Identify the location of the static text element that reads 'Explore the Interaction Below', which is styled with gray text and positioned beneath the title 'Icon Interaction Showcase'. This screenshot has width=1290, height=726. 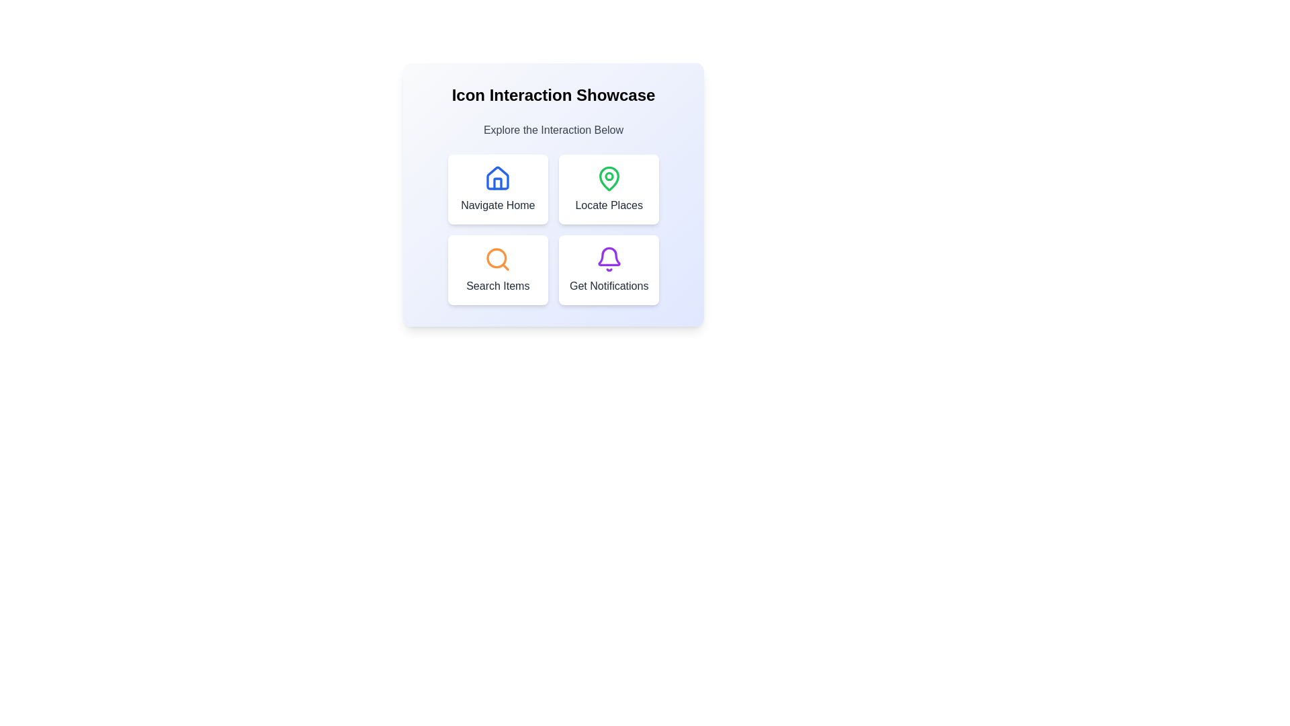
(554, 130).